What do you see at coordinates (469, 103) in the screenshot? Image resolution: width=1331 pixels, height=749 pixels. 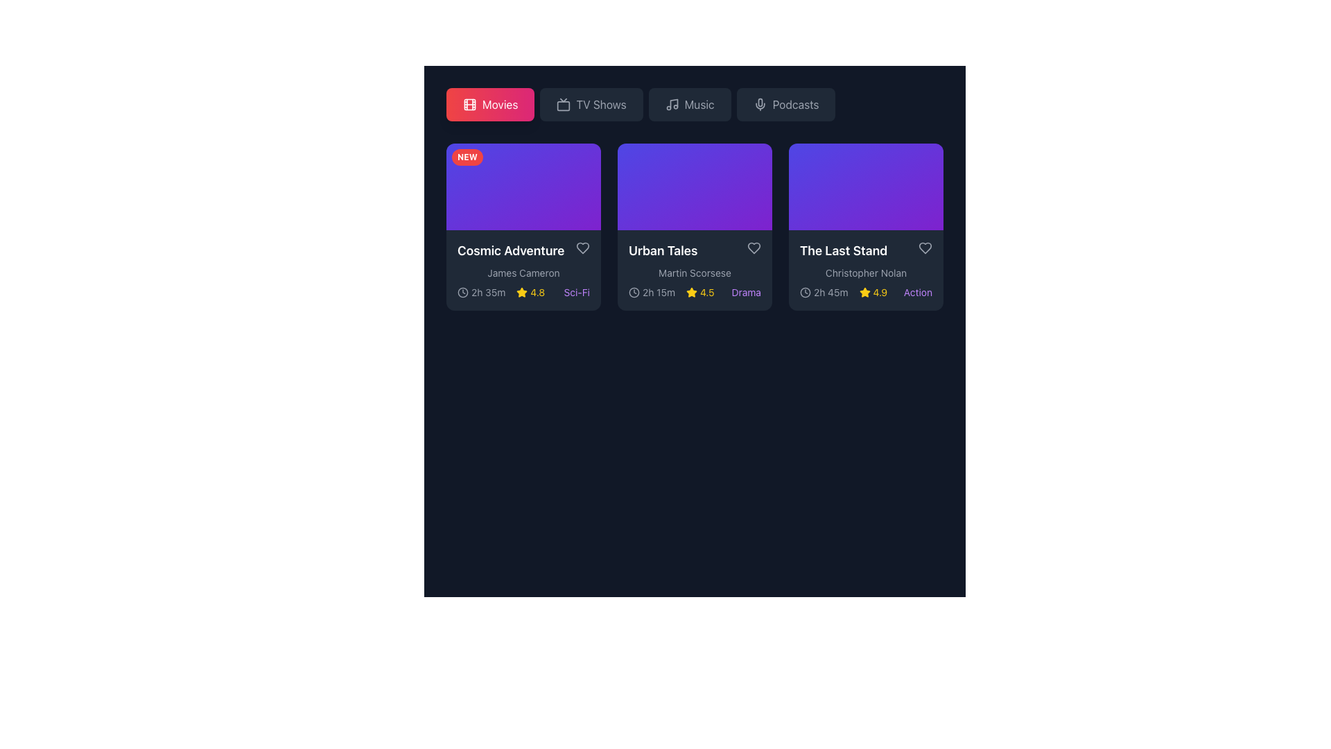 I see `the filmstrip icon located to the left of the 'Movies' label in the top-left menu bar` at bounding box center [469, 103].